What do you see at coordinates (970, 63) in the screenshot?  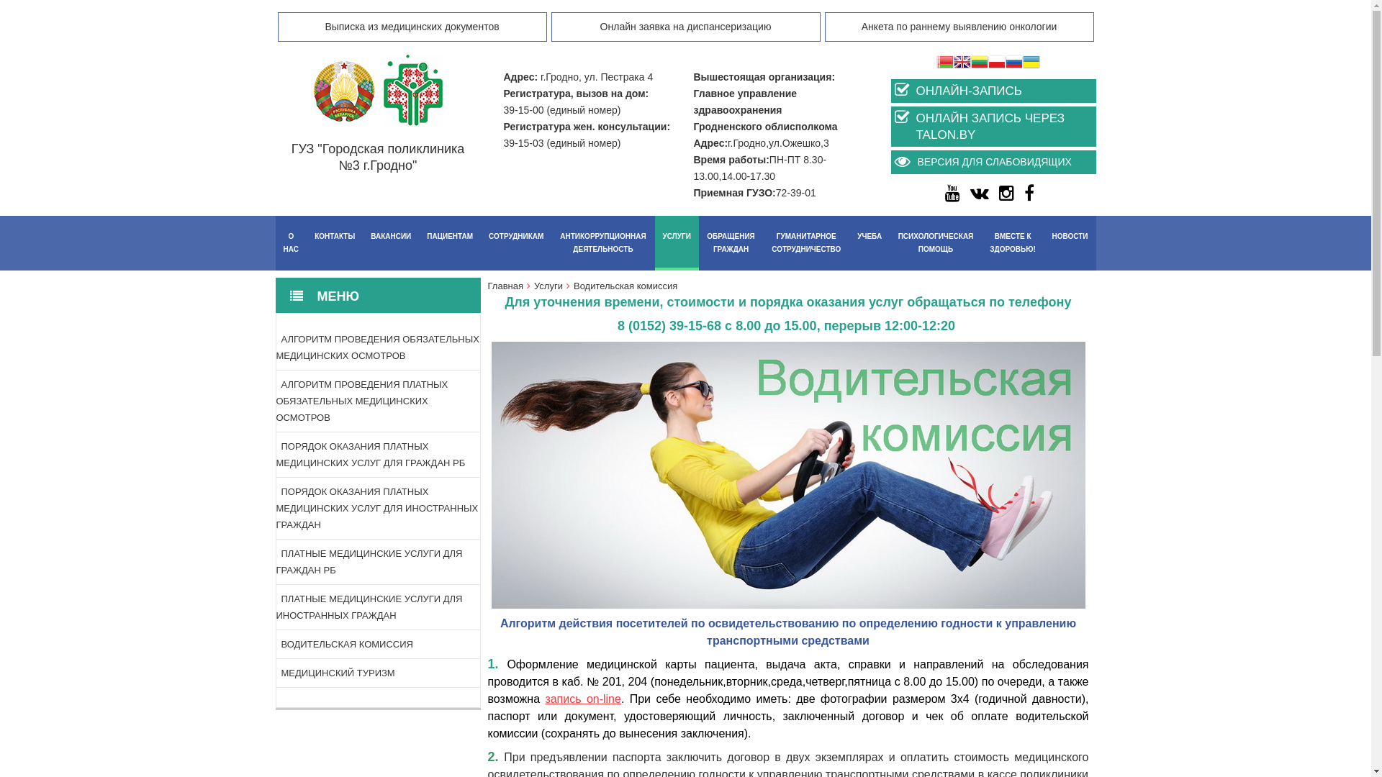 I see `'Lithuanian'` at bounding box center [970, 63].